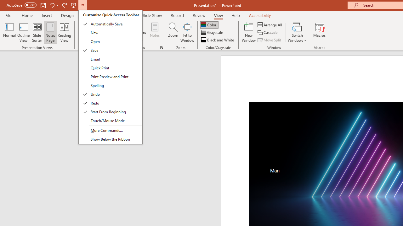 This screenshot has width=403, height=226. I want to click on 'Grayscale', so click(213, 32).